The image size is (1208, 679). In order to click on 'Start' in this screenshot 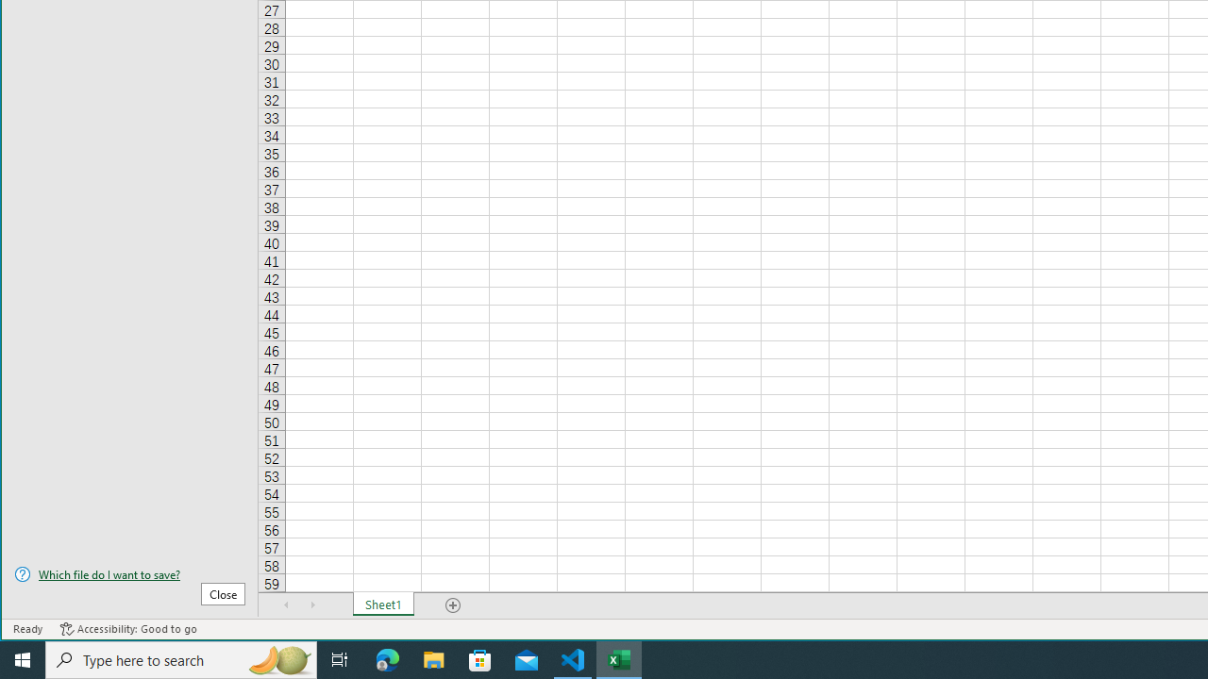, I will do `click(23, 658)`.